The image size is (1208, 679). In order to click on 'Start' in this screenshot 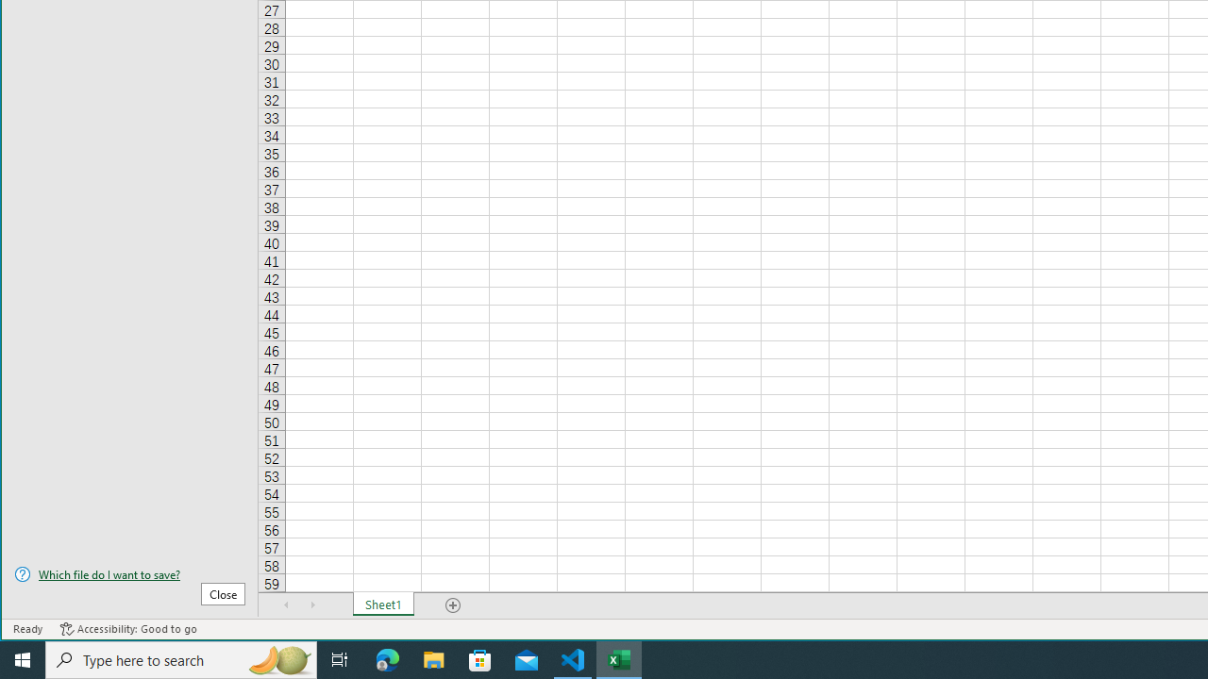, I will do `click(23, 658)`.